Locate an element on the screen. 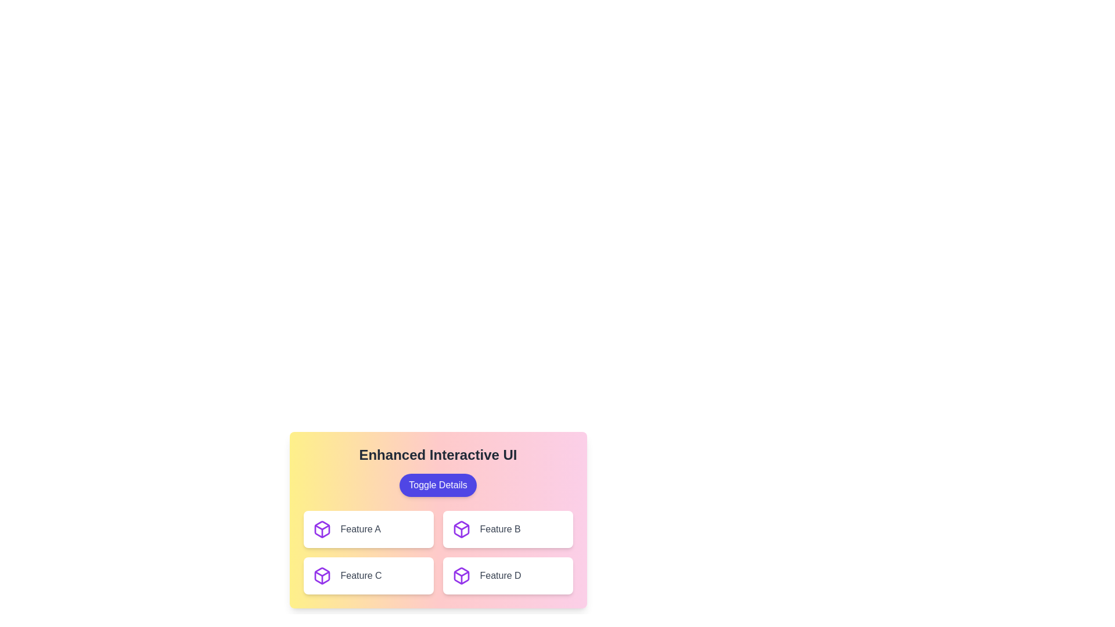 This screenshot has height=627, width=1115. the decorative icon located in the top-left section of the grid layout, which visually represents 'Feature A' is located at coordinates (322, 529).